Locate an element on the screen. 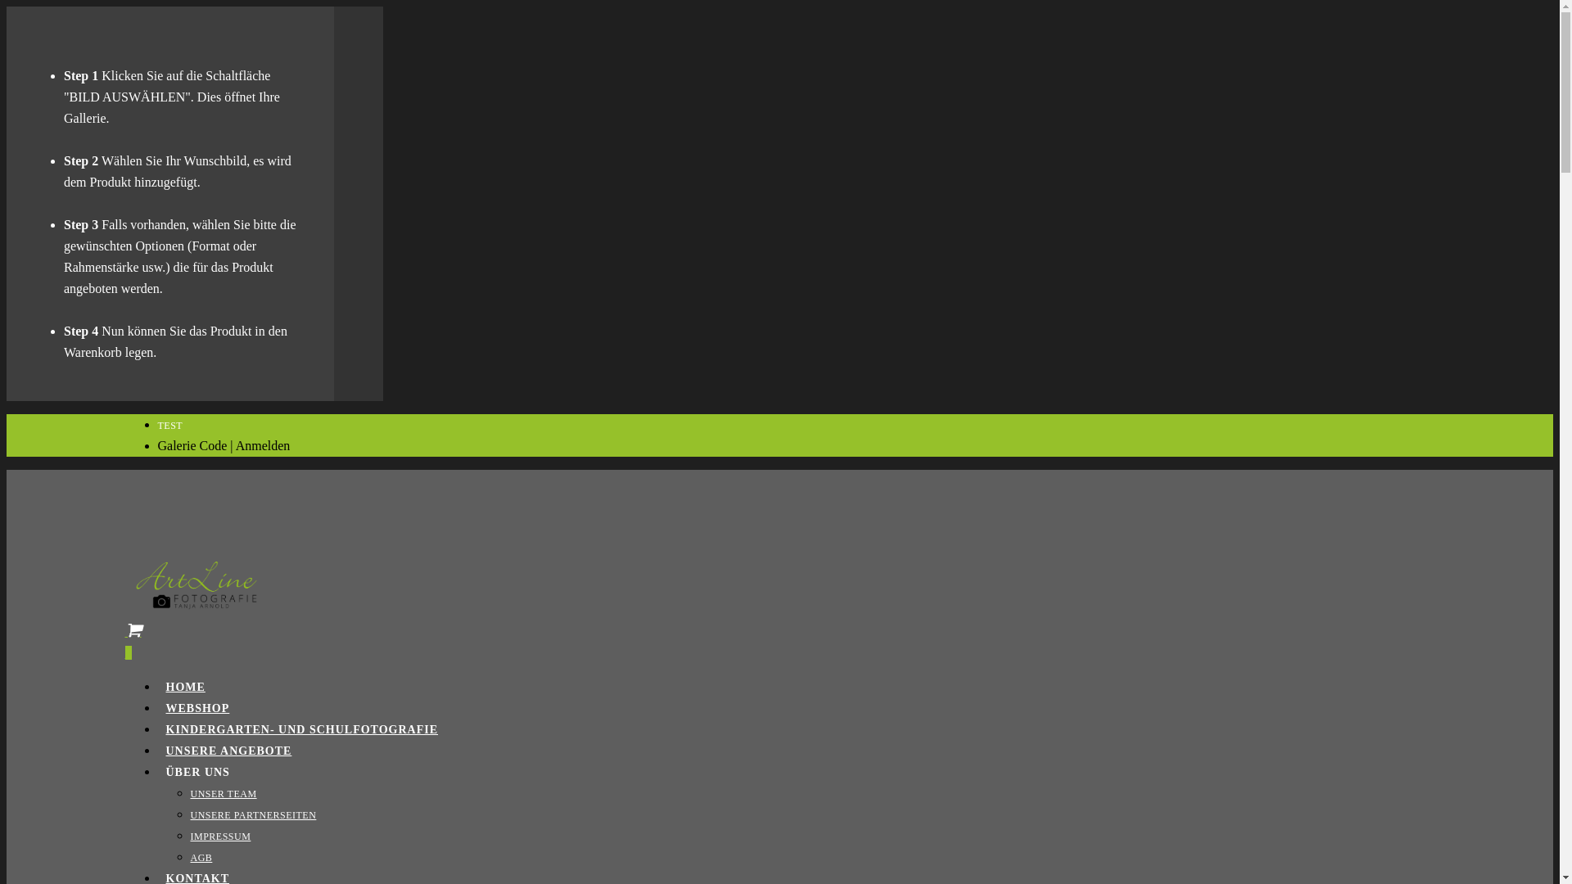  'UNSERE PARTNERSEITEN' is located at coordinates (251, 814).